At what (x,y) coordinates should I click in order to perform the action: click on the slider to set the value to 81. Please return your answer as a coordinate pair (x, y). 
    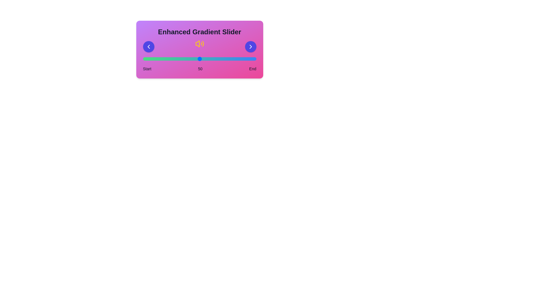
    Looking at the image, I should click on (235, 59).